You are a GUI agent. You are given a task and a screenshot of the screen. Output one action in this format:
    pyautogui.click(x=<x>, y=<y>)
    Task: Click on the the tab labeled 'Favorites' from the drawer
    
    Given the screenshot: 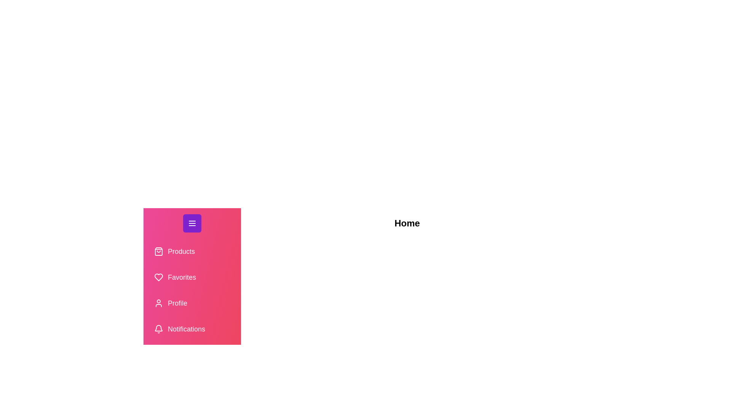 What is the action you would take?
    pyautogui.click(x=192, y=277)
    